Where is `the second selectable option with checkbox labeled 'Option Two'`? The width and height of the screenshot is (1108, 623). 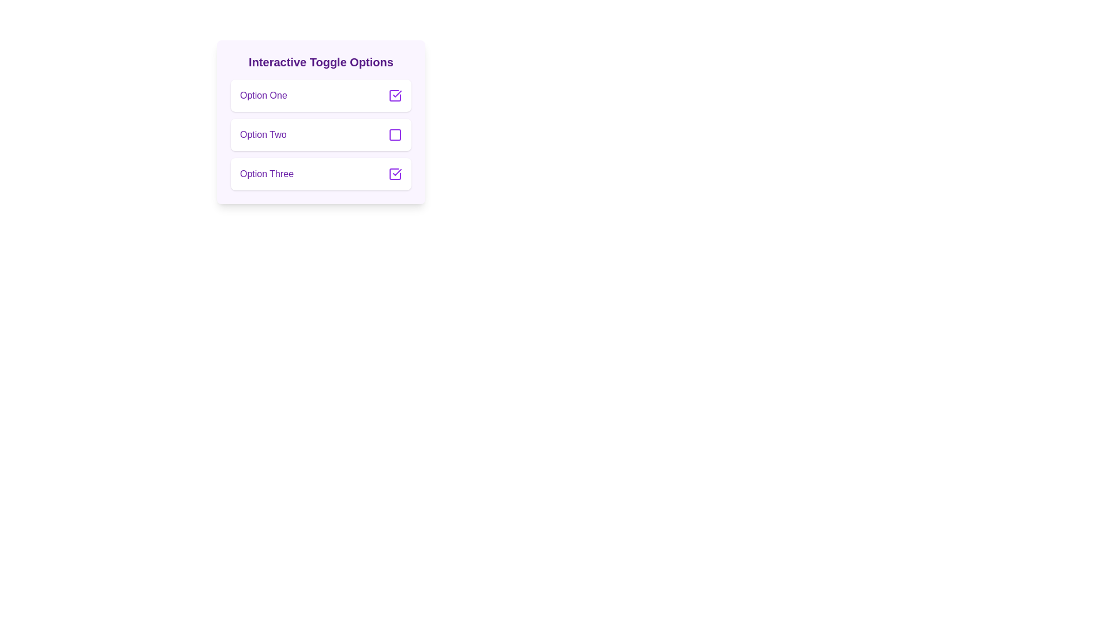 the second selectable option with checkbox labeled 'Option Two' is located at coordinates (321, 122).